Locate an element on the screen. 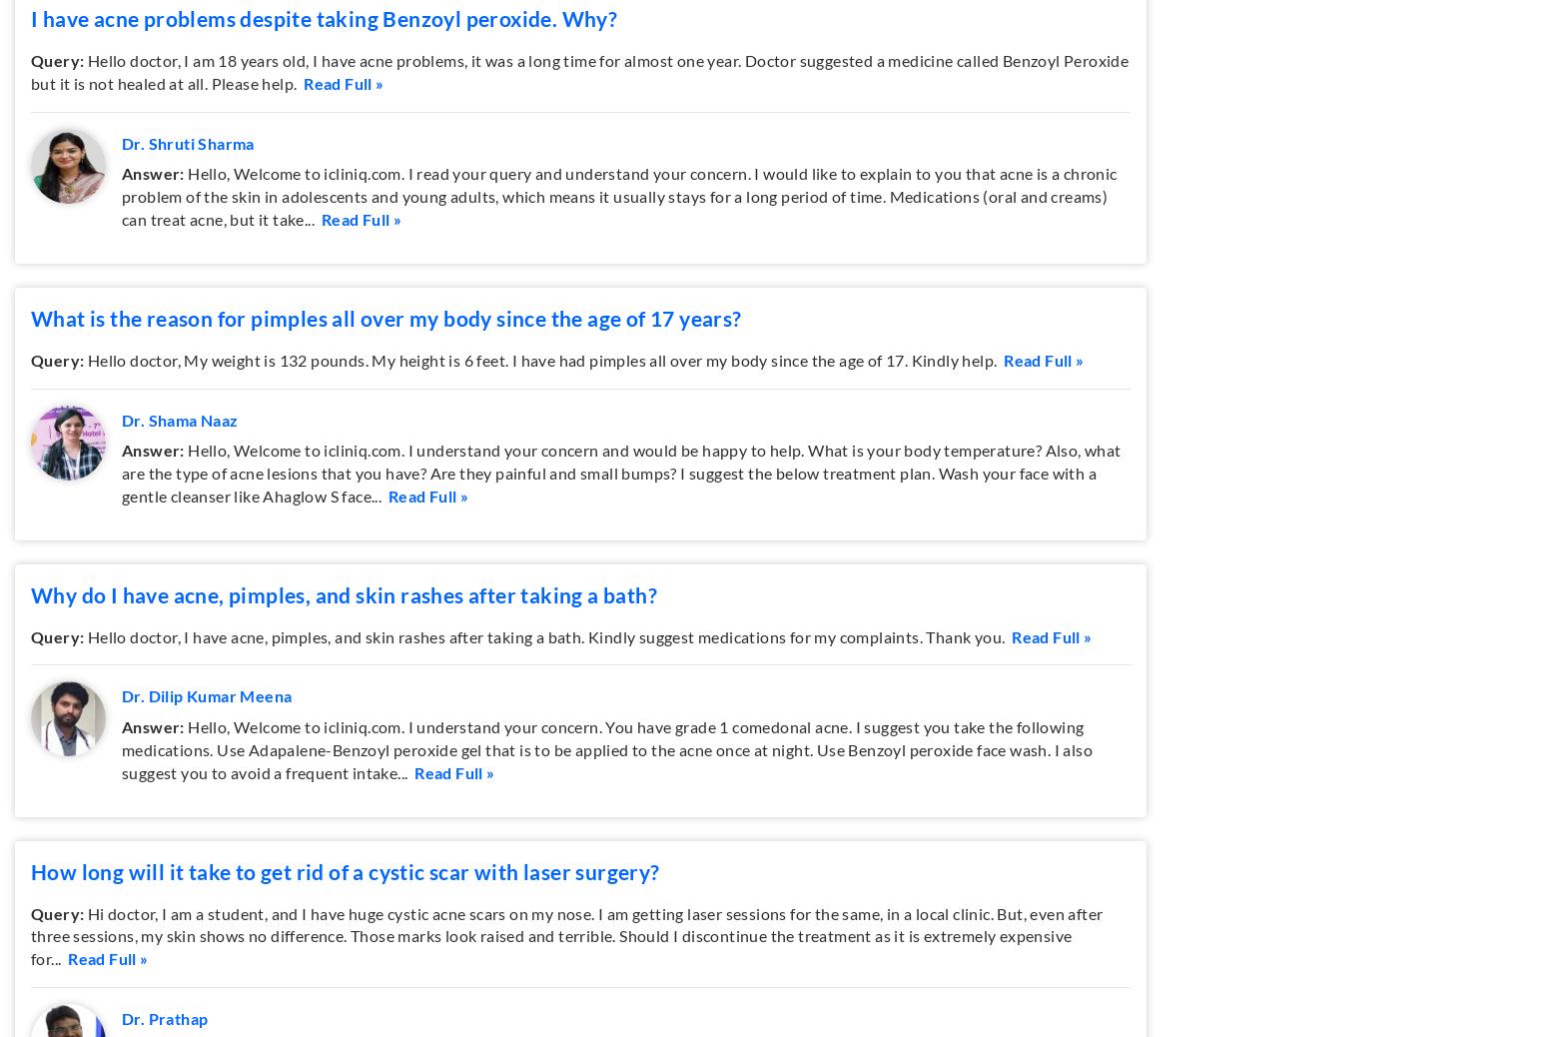 This screenshot has width=1548, height=1037. 'Pediatrics' is located at coordinates (601, 134).